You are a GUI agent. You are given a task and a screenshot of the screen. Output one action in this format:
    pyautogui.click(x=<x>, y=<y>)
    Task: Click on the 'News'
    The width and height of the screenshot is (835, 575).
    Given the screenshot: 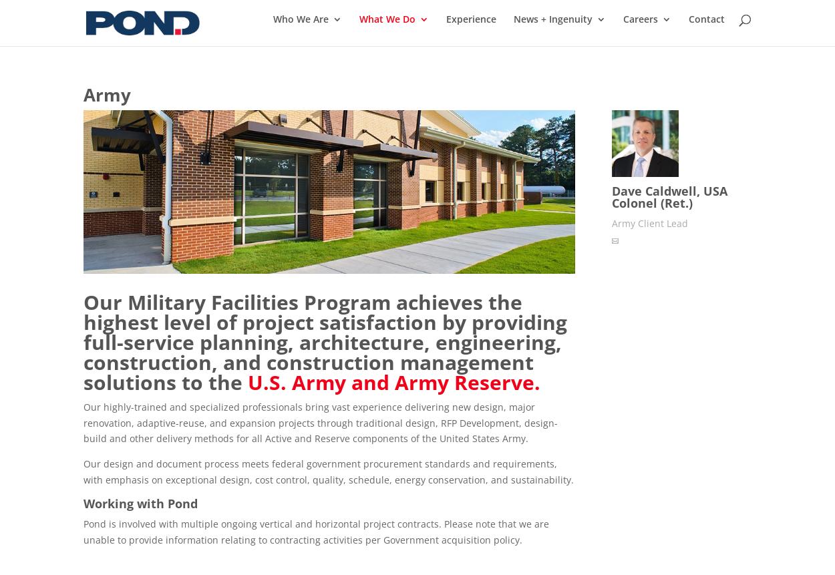 What is the action you would take?
    pyautogui.click(x=552, y=78)
    